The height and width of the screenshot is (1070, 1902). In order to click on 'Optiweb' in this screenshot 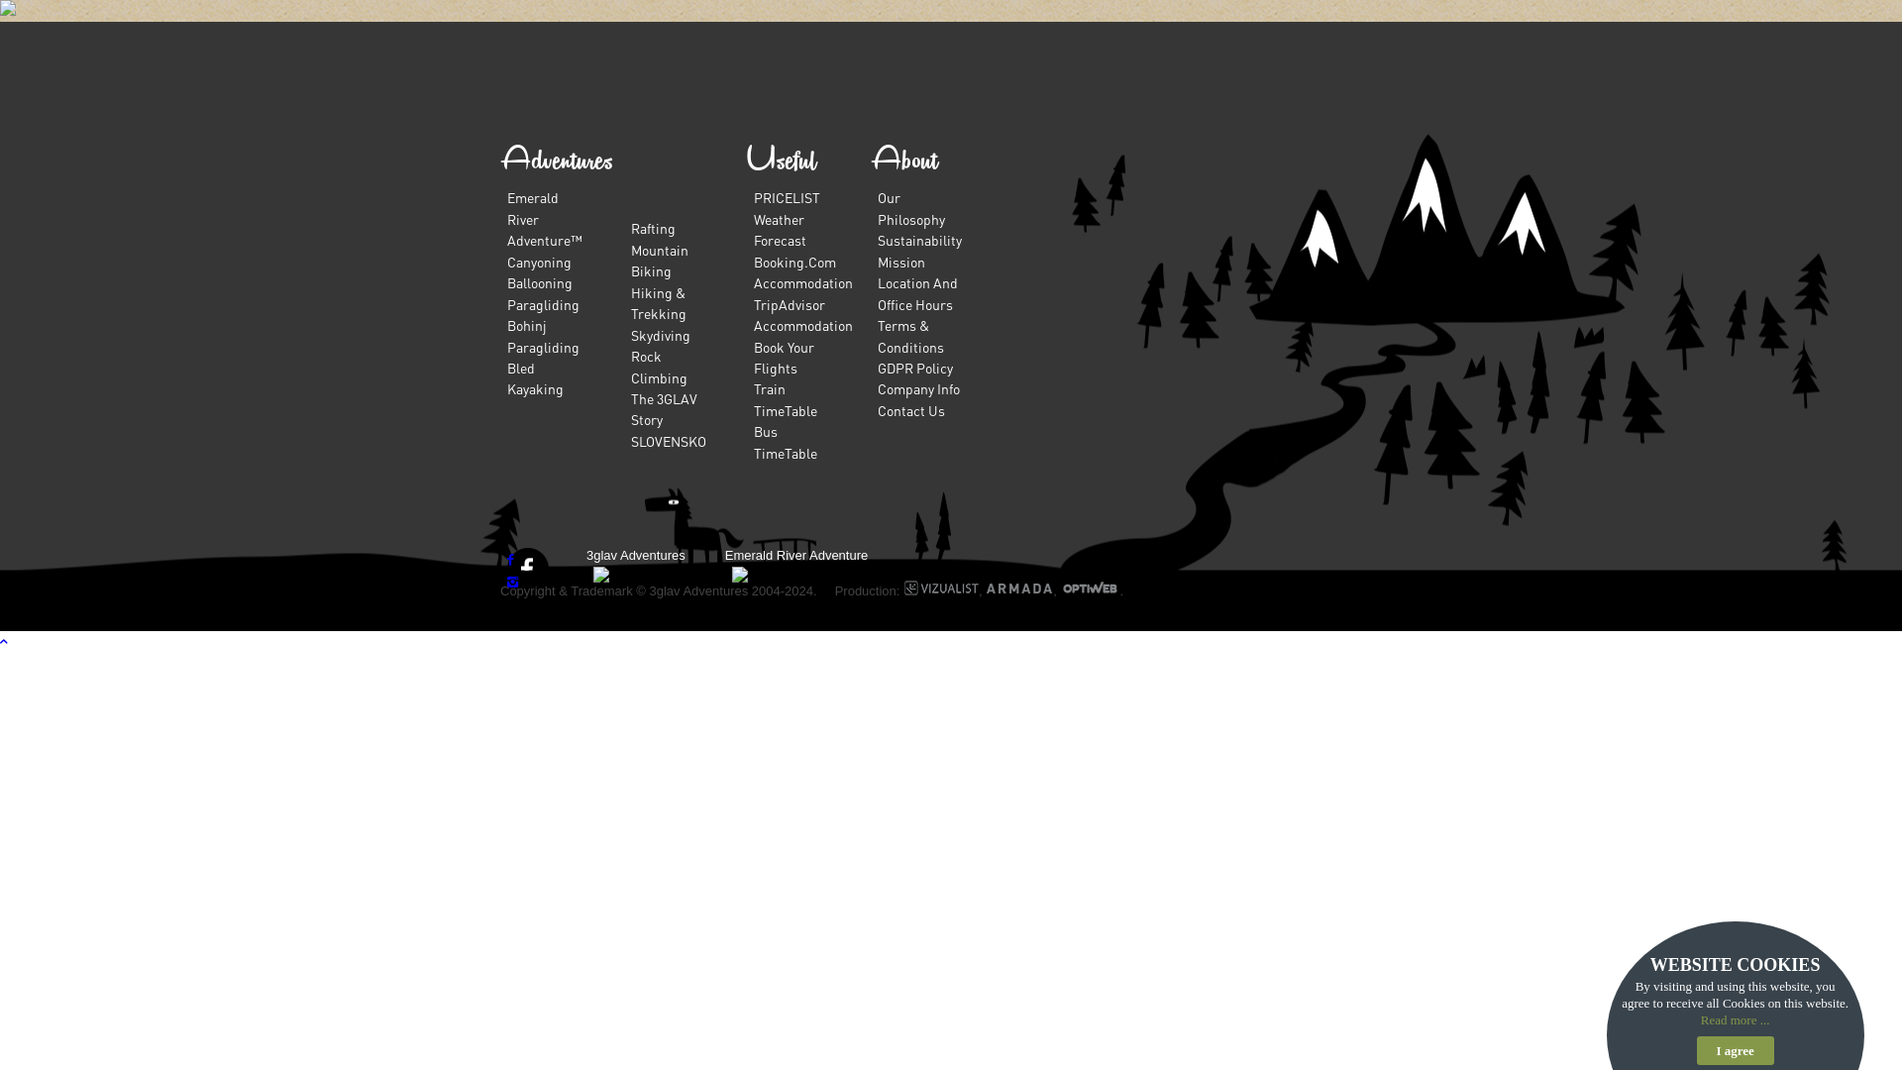, I will do `click(1088, 589)`.